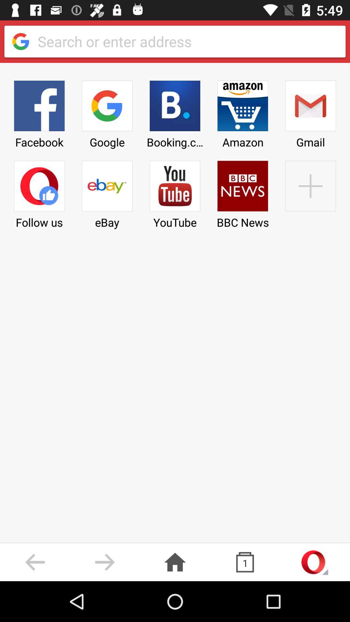  I want to click on type to search, so click(186, 41).